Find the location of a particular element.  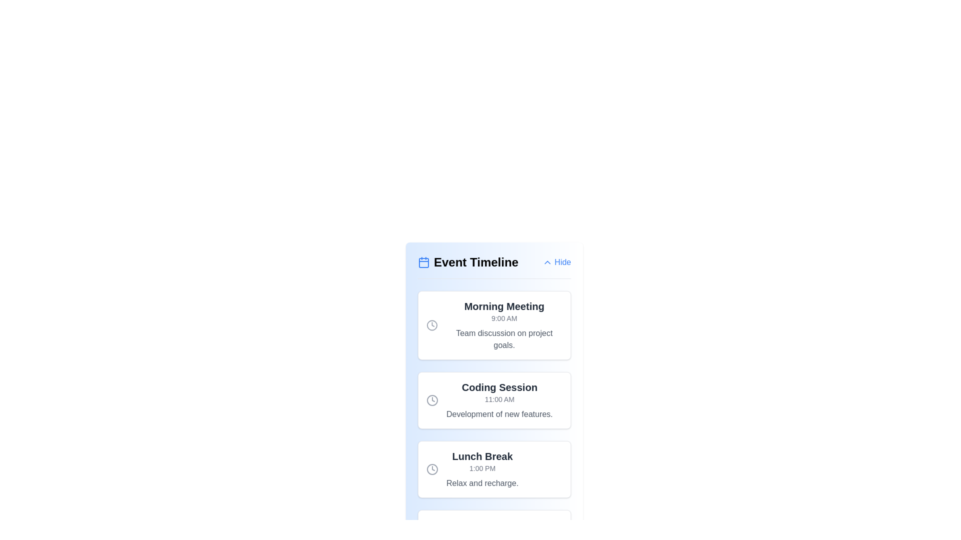

the central SVG Circle Element of the clock icon located within the 'Coding Session' section of the 'Event Timeline' interface, positioned between '11:00 AM' and the associated text is located at coordinates (432, 400).